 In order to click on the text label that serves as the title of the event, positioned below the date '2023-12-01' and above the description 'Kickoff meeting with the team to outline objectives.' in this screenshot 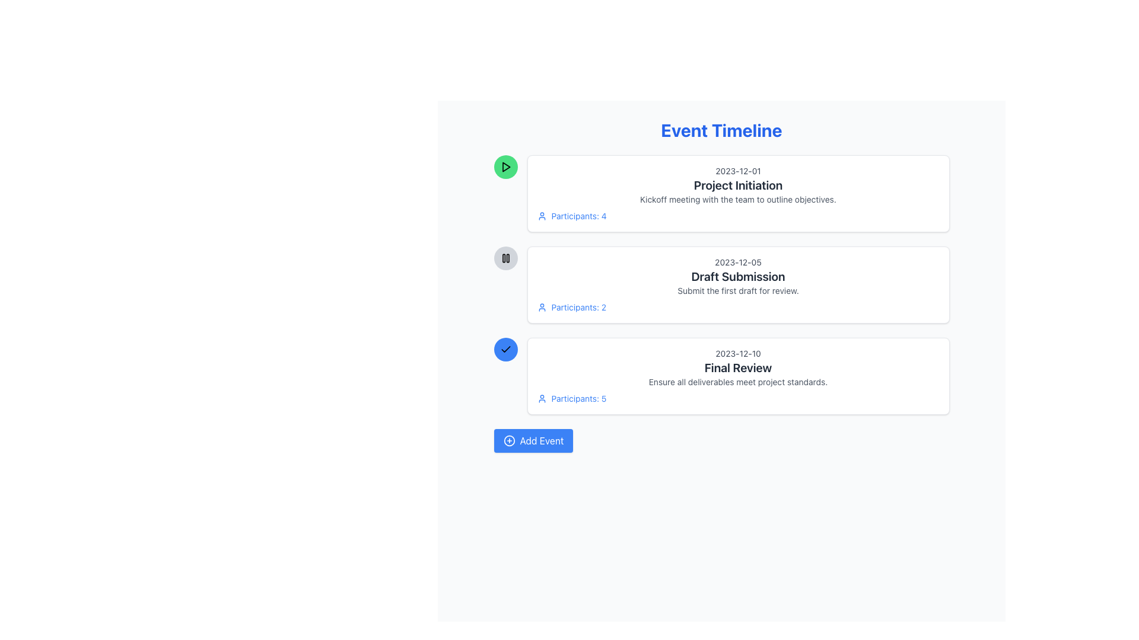, I will do `click(737, 185)`.